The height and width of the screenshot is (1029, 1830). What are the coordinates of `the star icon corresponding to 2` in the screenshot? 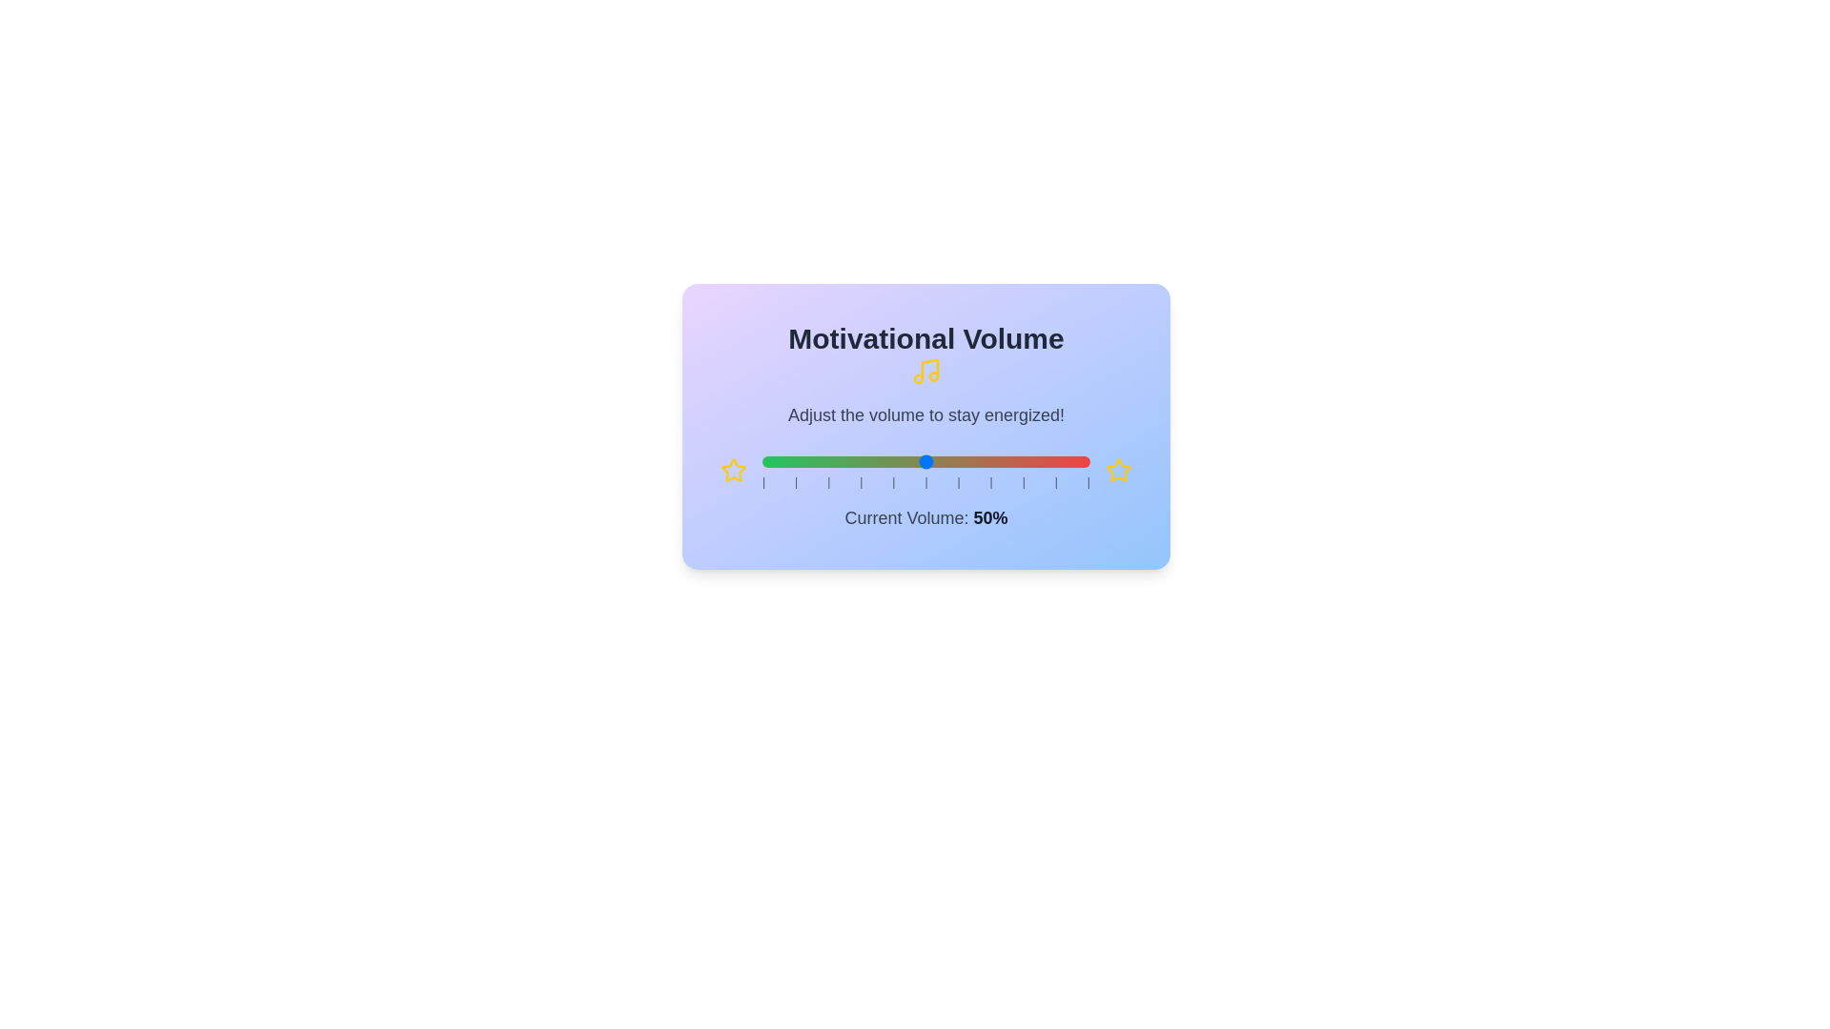 It's located at (1119, 470).